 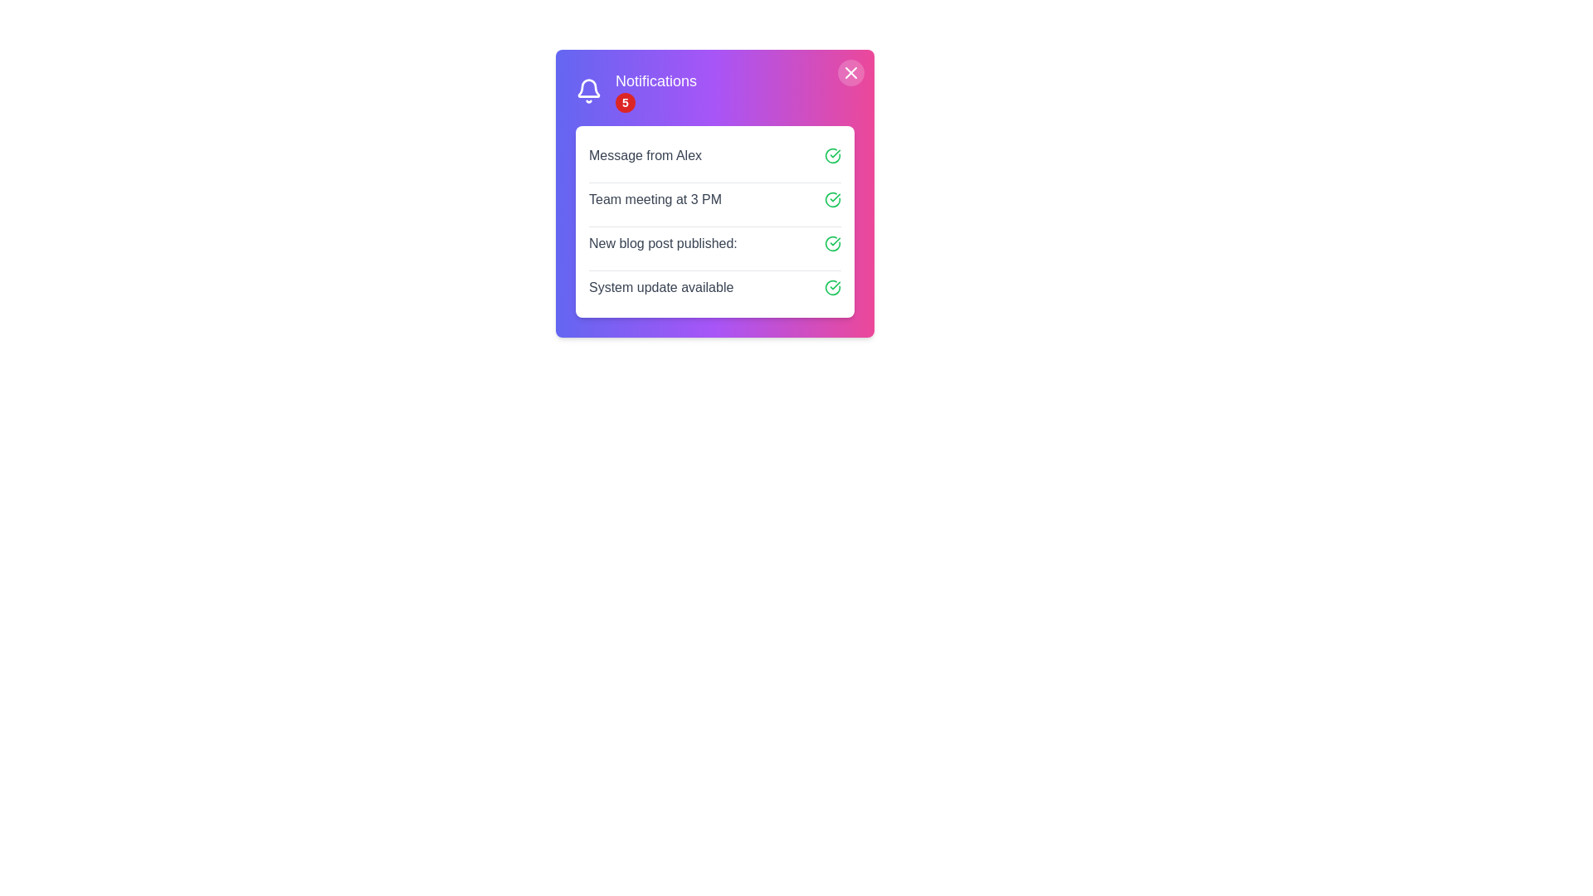 I want to click on the text label displaying 'System update available' within the notification pop-up panel, which is aligned to the left and part of a notification item at the bottom of the list, so click(x=660, y=287).